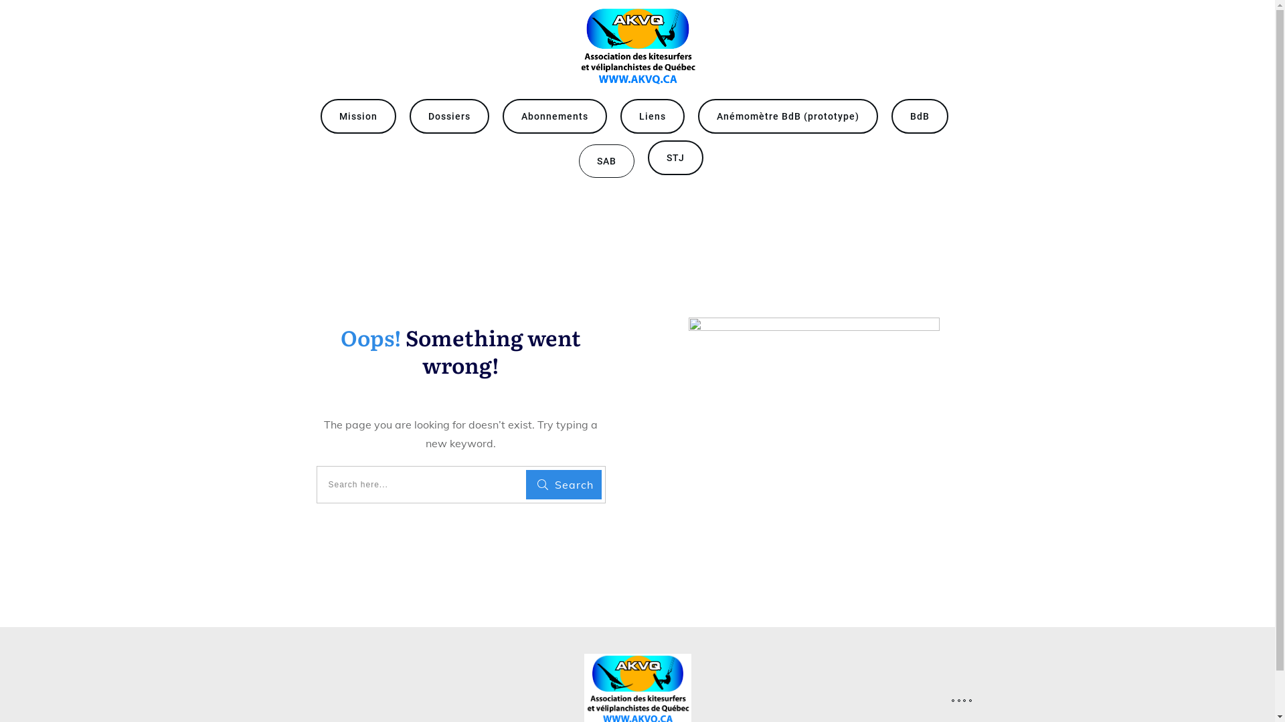 This screenshot has height=722, width=1285. Describe the element at coordinates (427, 115) in the screenshot. I see `'Dossiers'` at that location.